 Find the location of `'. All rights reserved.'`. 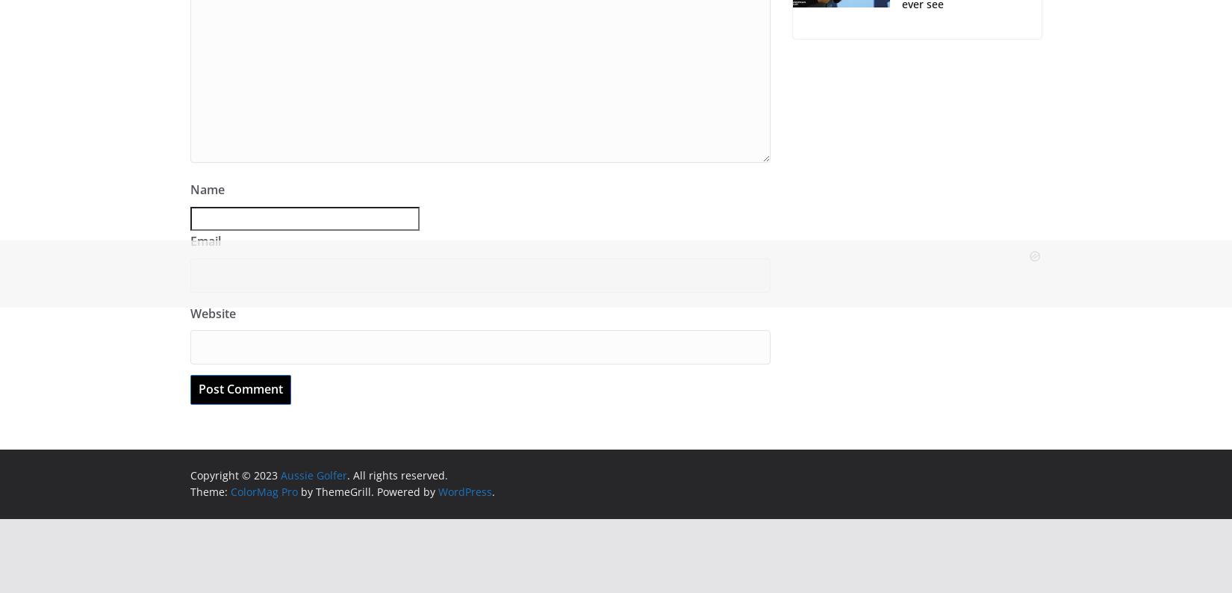

'. All rights reserved.' is located at coordinates (396, 474).